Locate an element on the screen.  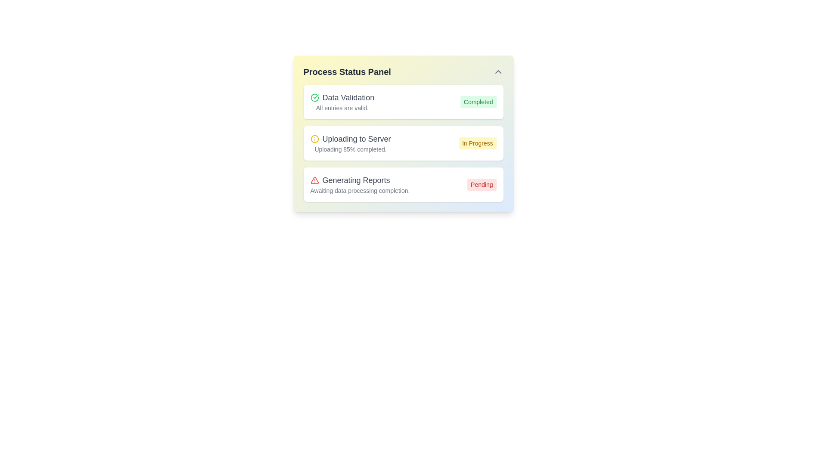
message displayed in the text label that shows 'Uploading 85% completed.' within the Process Status Panel, specifically in the second status block under 'Uploading to Server' is located at coordinates (351, 149).